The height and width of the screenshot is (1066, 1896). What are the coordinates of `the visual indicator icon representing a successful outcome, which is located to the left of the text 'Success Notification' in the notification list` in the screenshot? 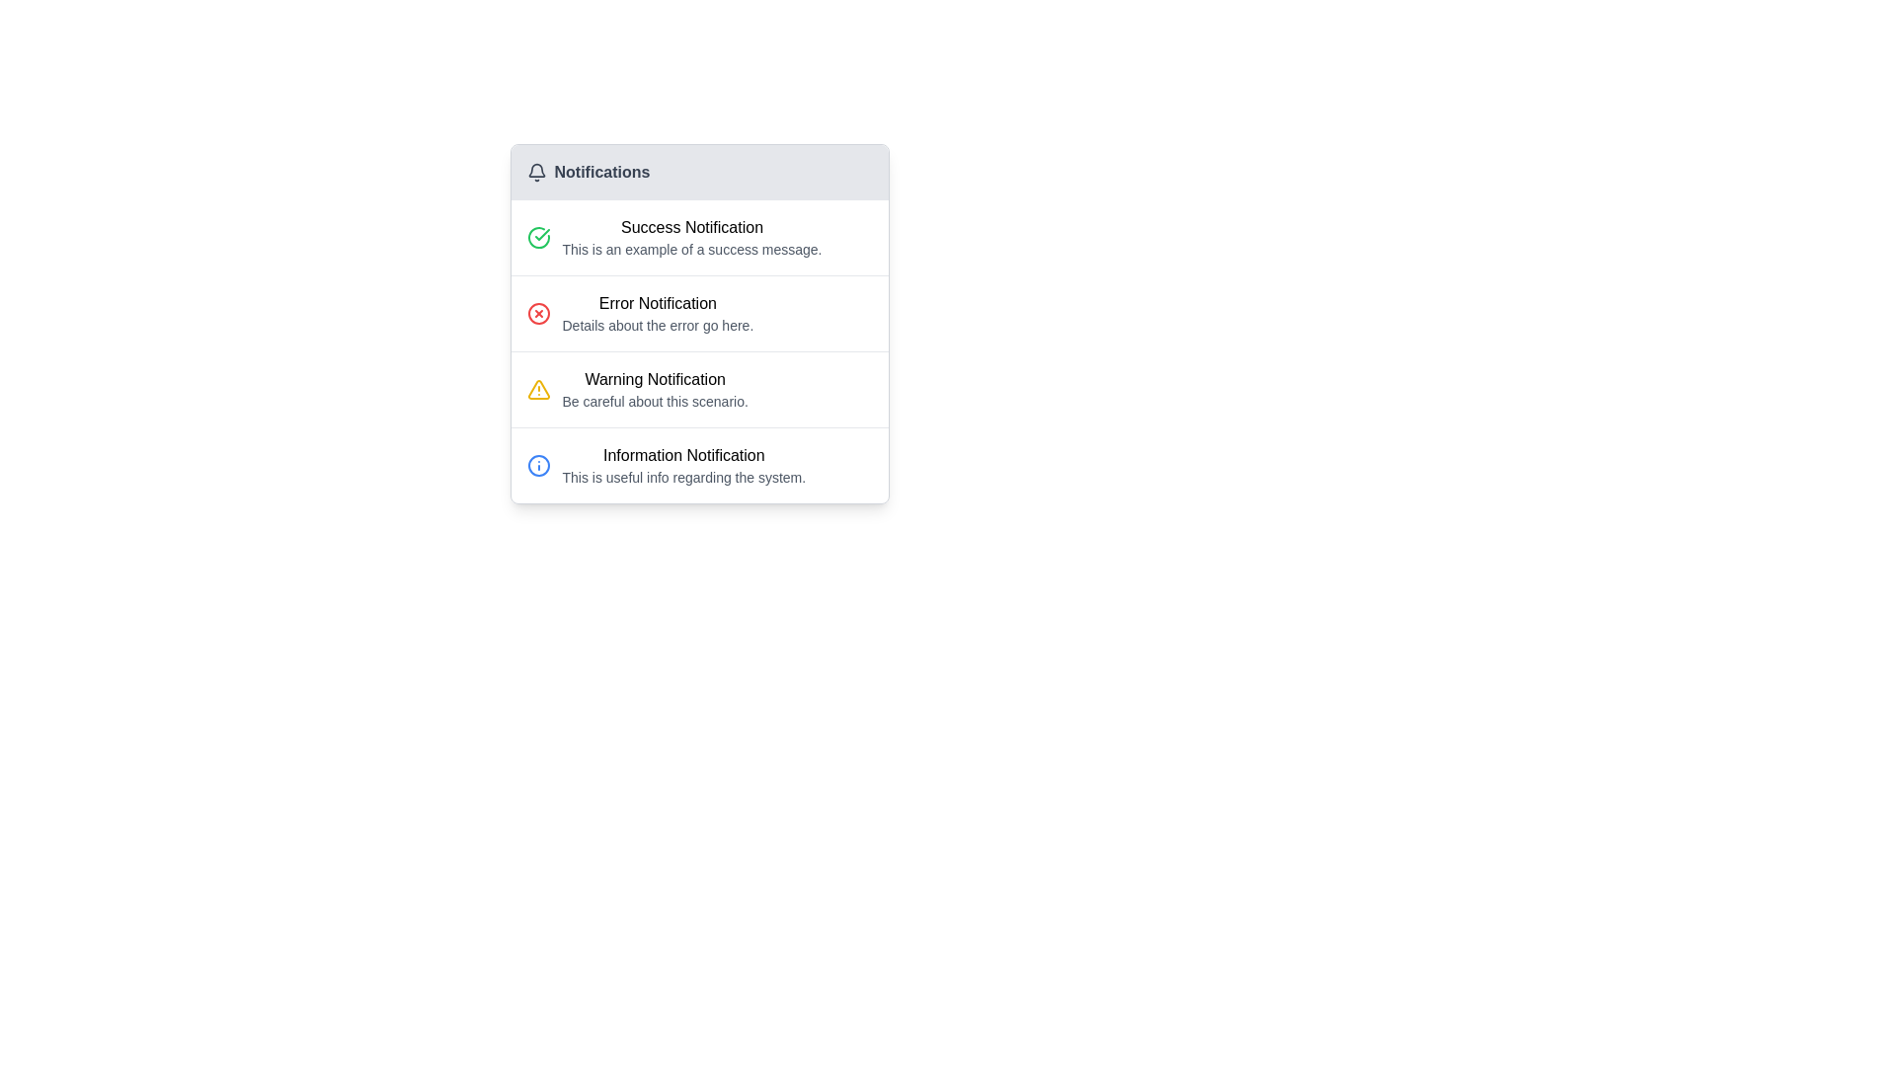 It's located at (538, 236).